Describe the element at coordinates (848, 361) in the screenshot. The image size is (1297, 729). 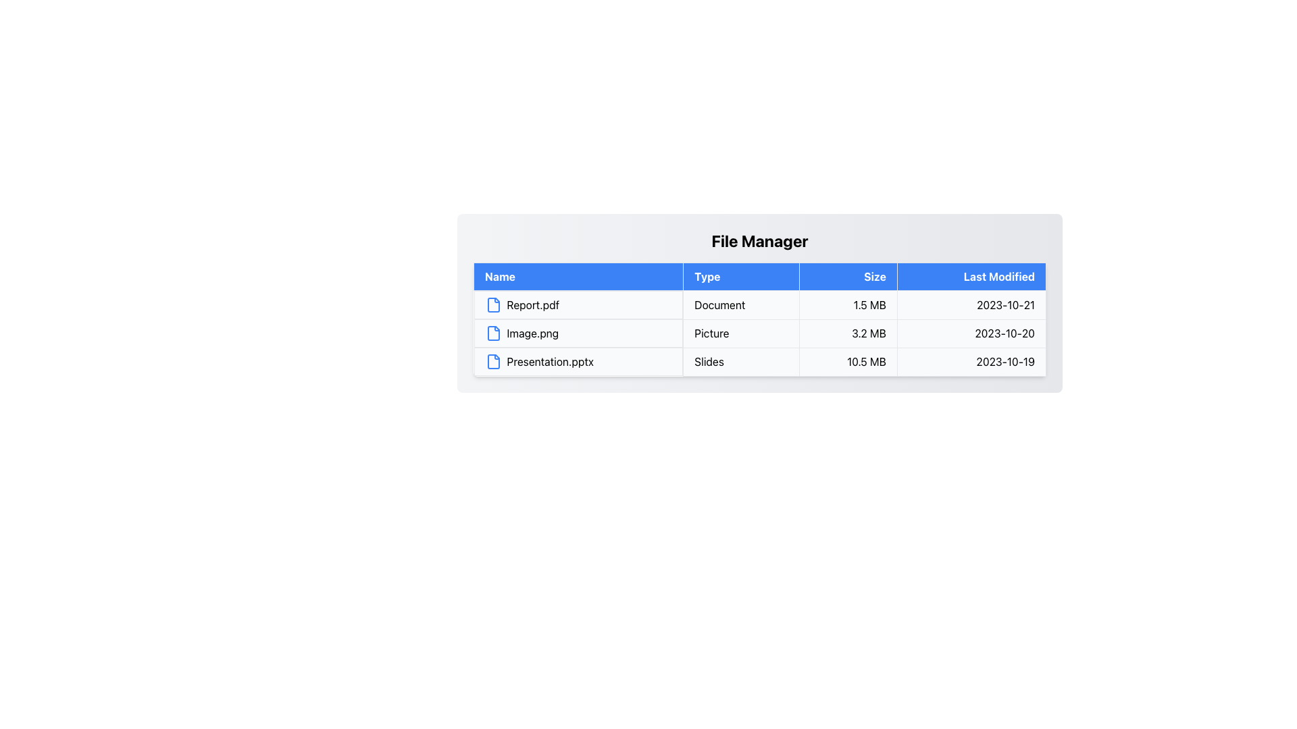
I see `the text display element showing '10.5 MB' in the third column of the table row for the file 'Presentation.pptx'` at that location.